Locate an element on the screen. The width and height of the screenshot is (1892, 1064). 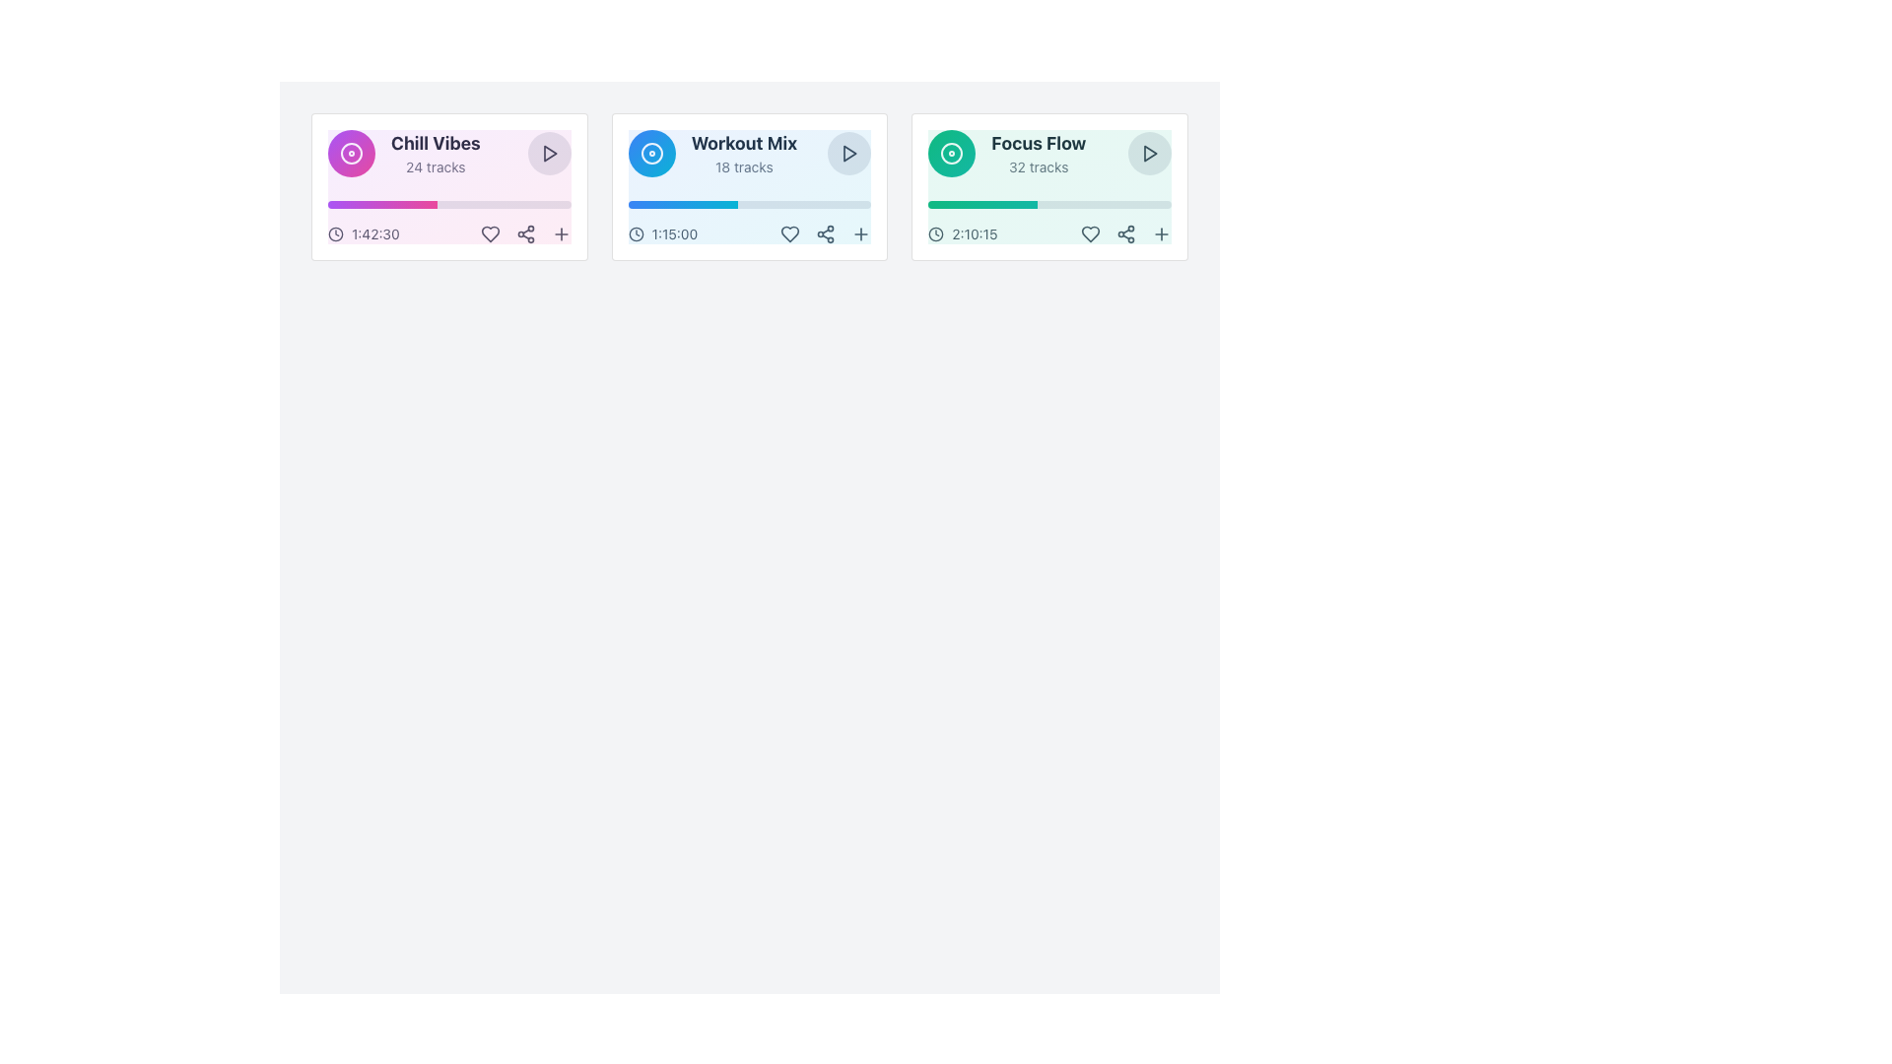
the button located in the bottom-right corner of the 'Chill Vibes' card is located at coordinates (560, 233).